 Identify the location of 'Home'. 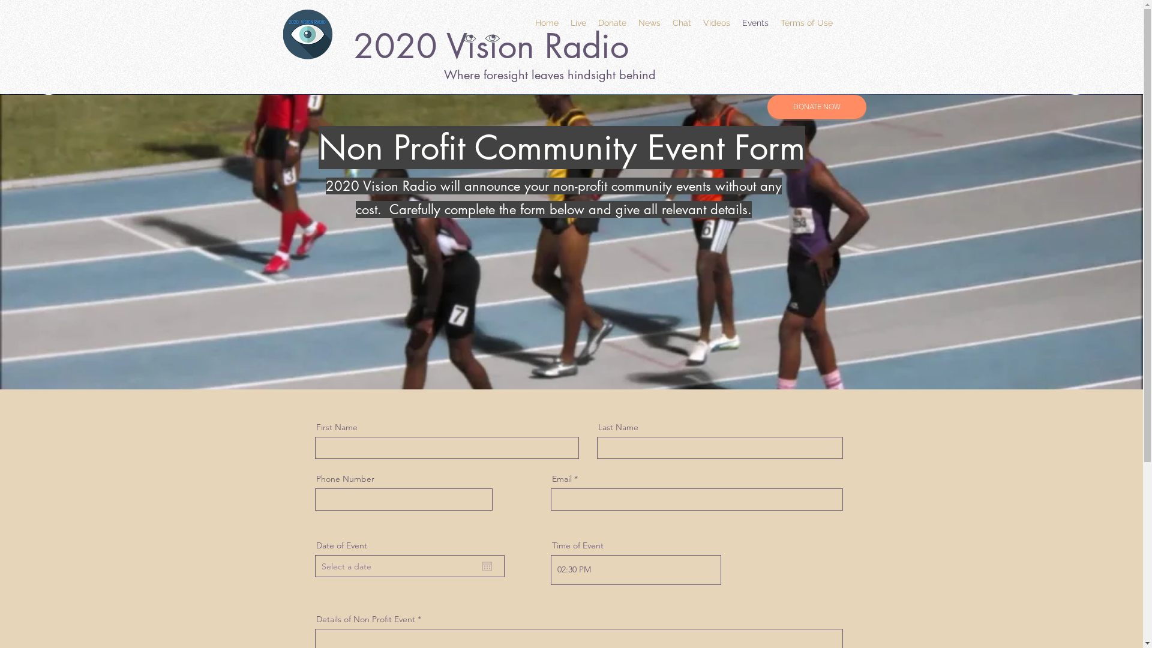
(546, 23).